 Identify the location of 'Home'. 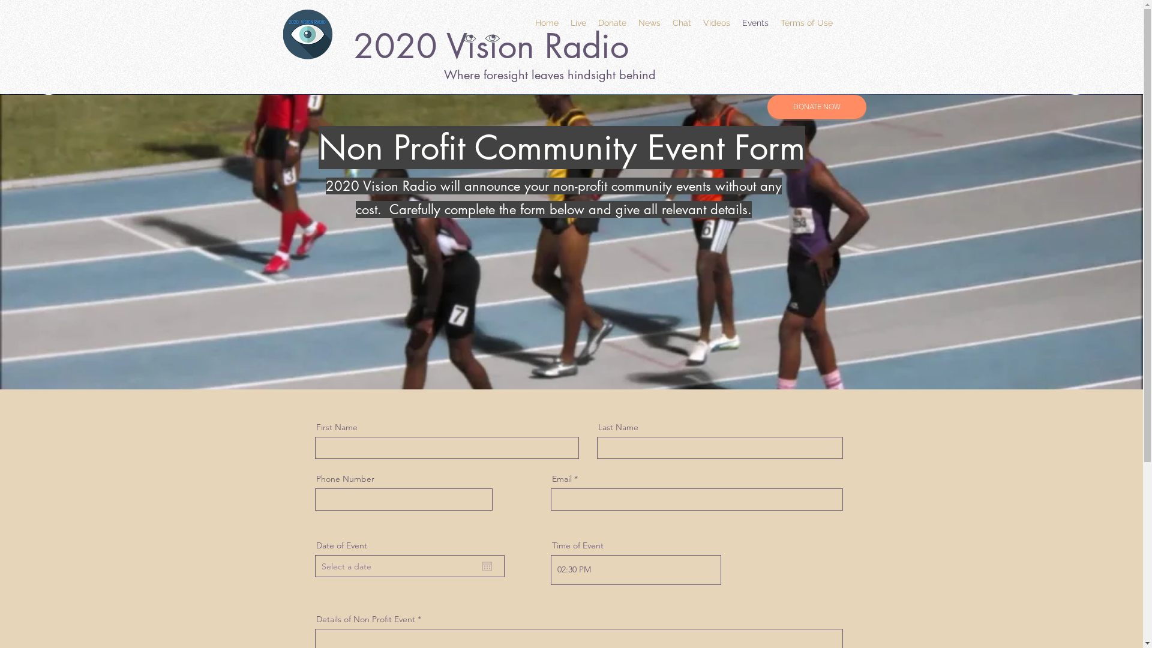
(546, 23).